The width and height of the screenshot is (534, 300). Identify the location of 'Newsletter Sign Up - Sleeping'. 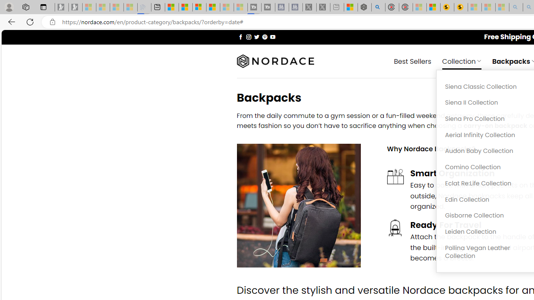
(76, 7).